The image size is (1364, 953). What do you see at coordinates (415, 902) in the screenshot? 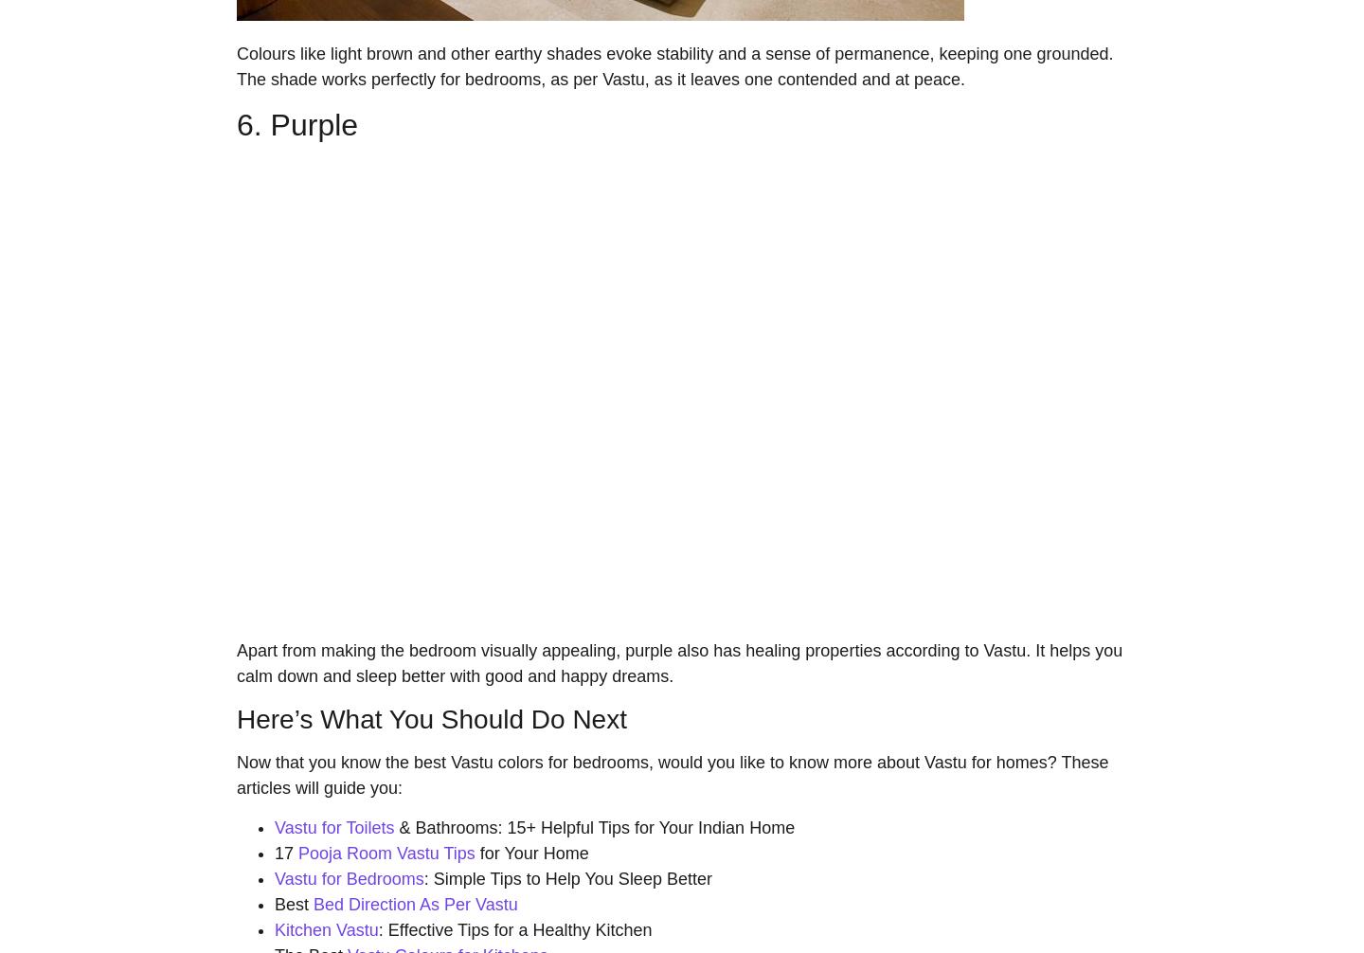
I see `'Bed Direction As Per Vastu'` at bounding box center [415, 902].